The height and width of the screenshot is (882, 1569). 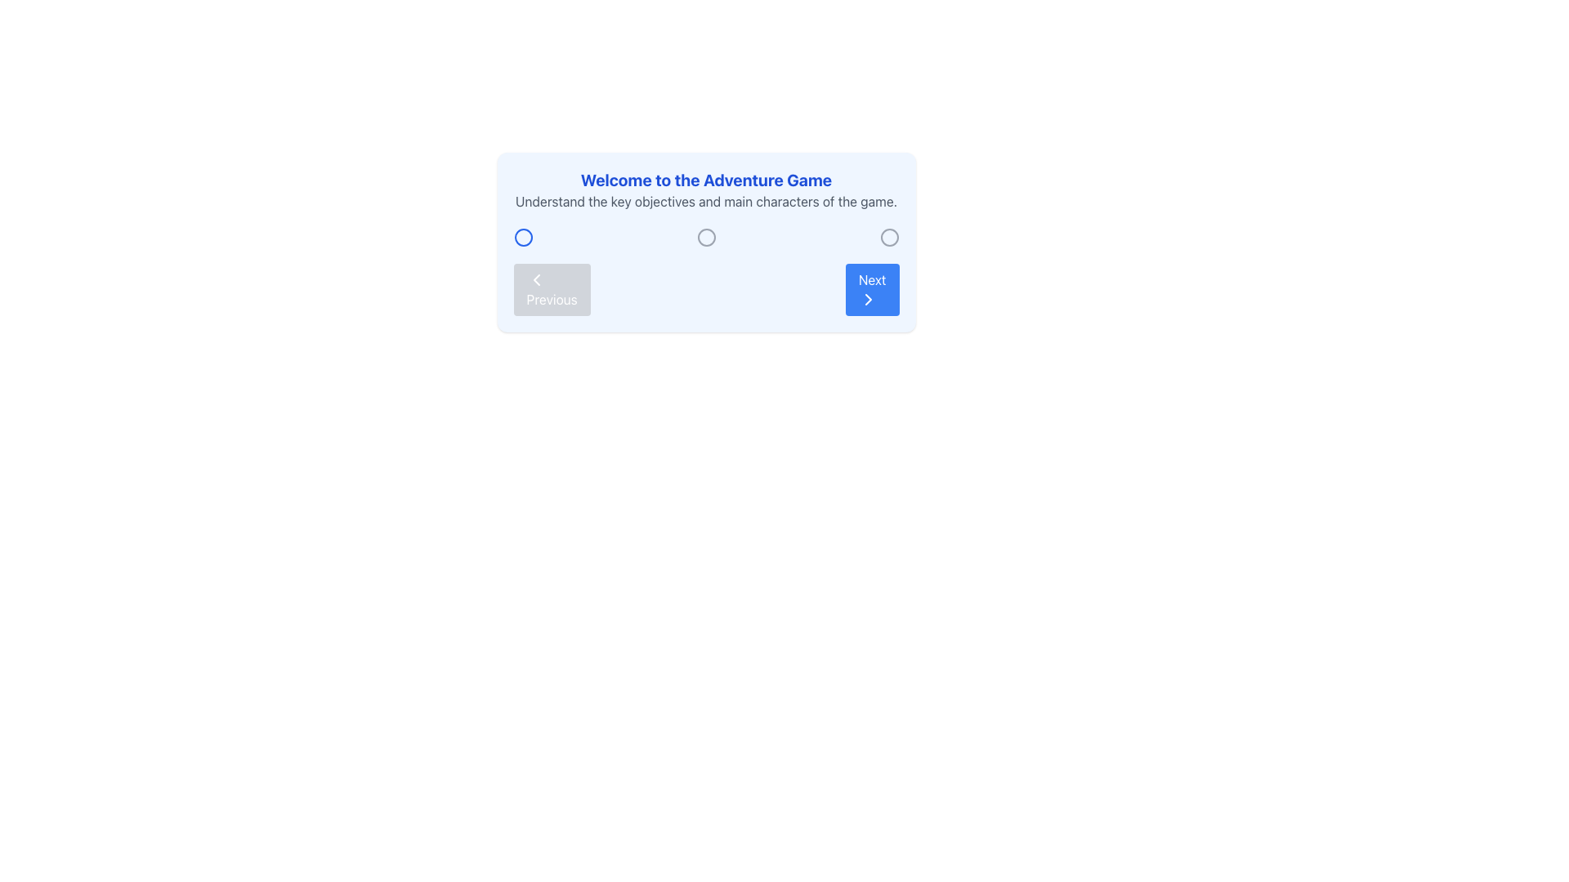 I want to click on the third circular icon, which is gray and located on the far right of a row of three similar circular icons, so click(x=888, y=237).